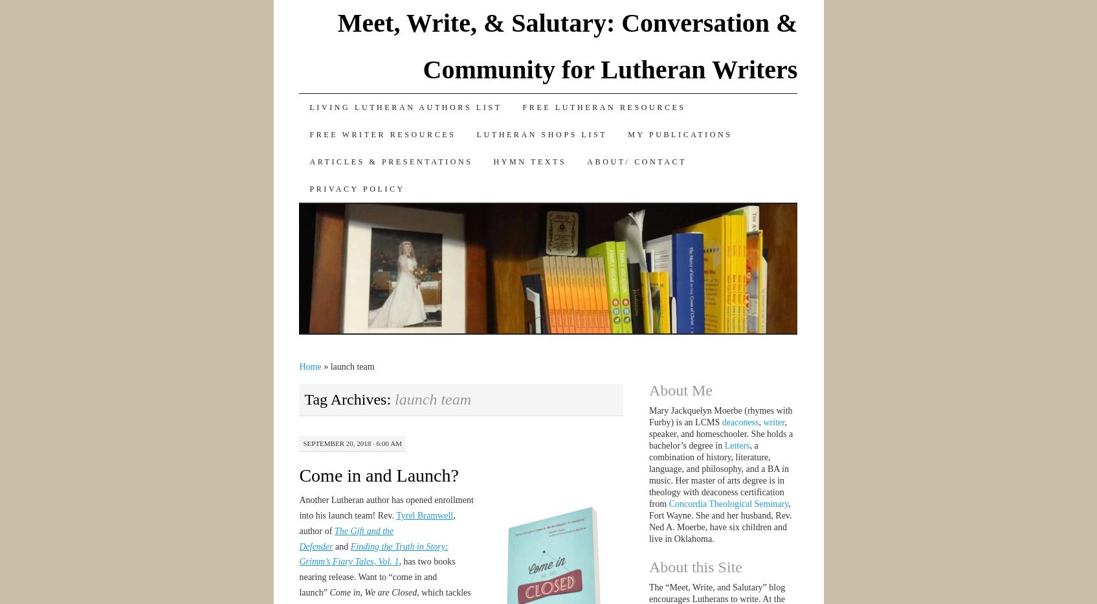 The image size is (1097, 604). What do you see at coordinates (680, 390) in the screenshot?
I see `'About Me'` at bounding box center [680, 390].